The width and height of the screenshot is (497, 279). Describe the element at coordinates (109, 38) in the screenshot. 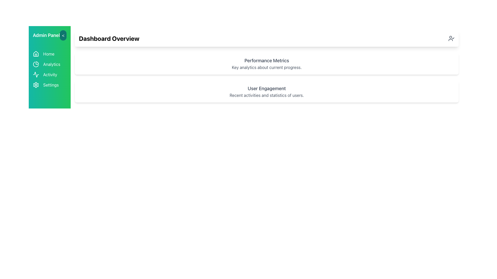

I see `the Text (Header) element that serves as the title or heading for the dashboard overview, located in the top section of the content area, slightly right-justified within a shadowed card` at that location.